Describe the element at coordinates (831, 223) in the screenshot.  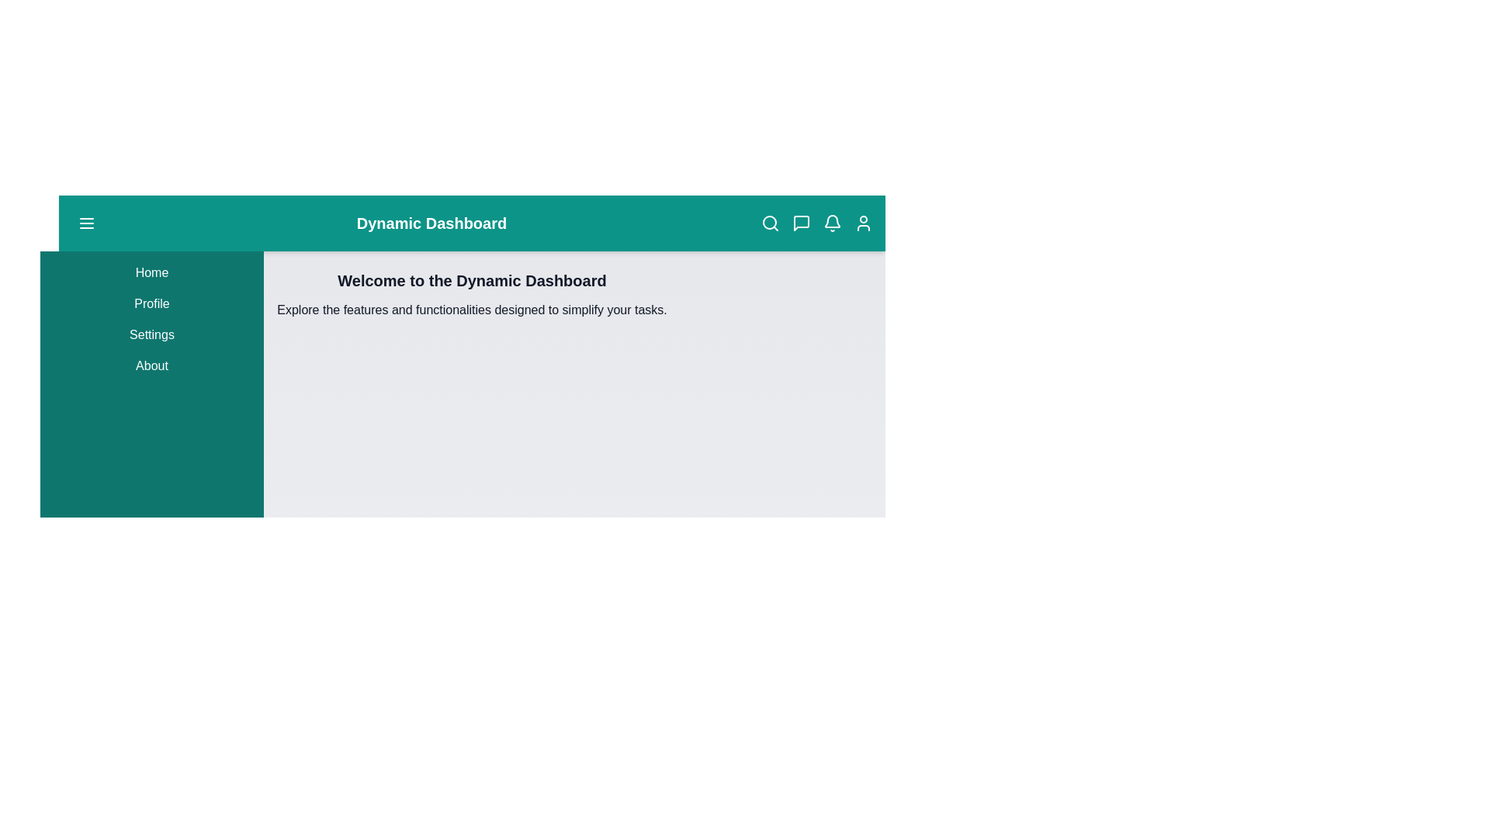
I see `the notification icon in the app bar` at that location.